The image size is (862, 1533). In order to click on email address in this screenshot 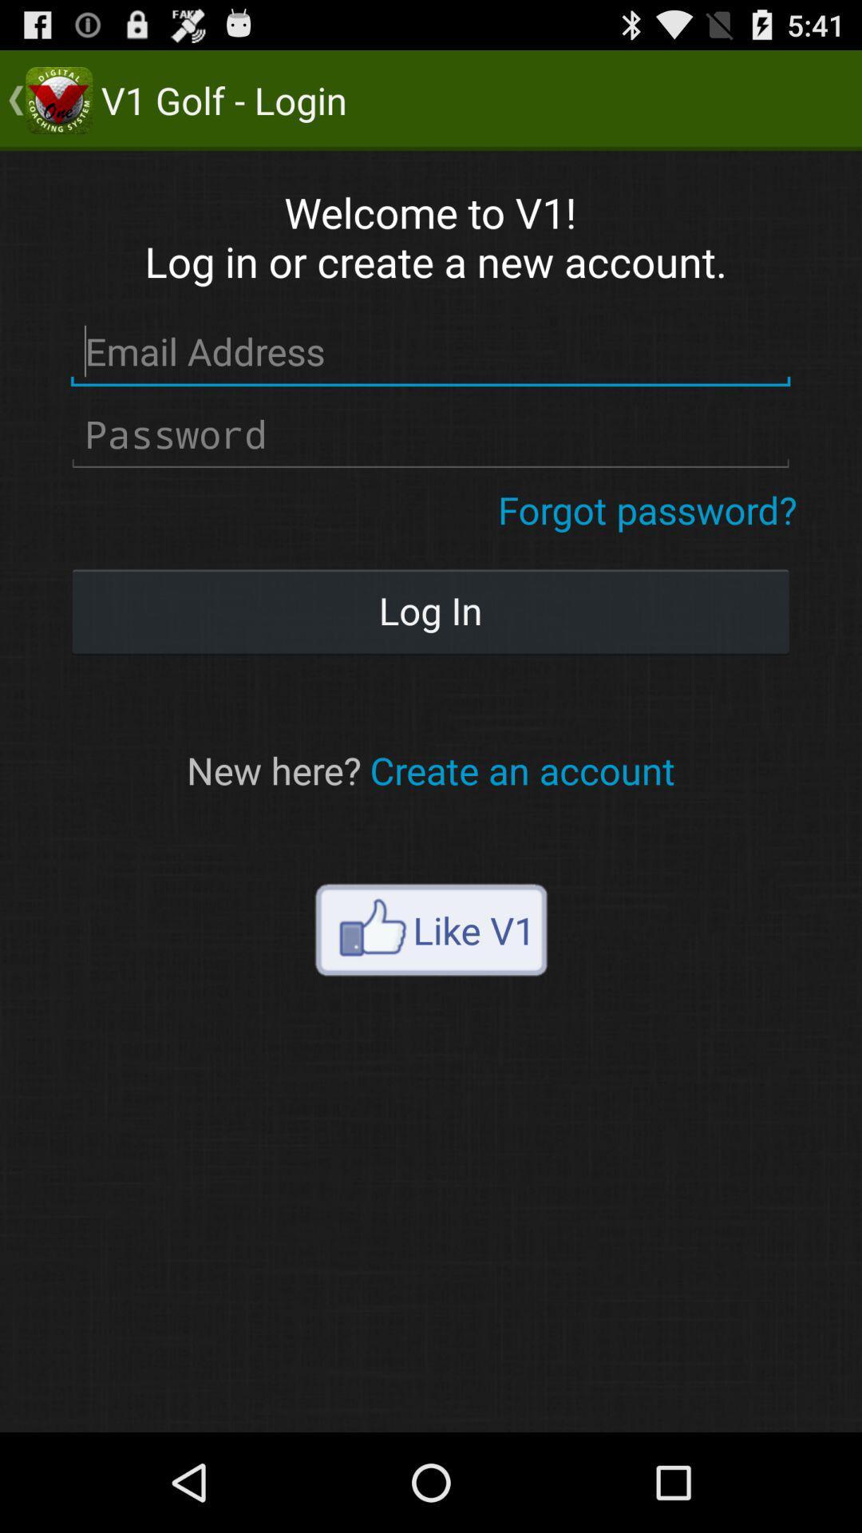, I will do `click(429, 351)`.